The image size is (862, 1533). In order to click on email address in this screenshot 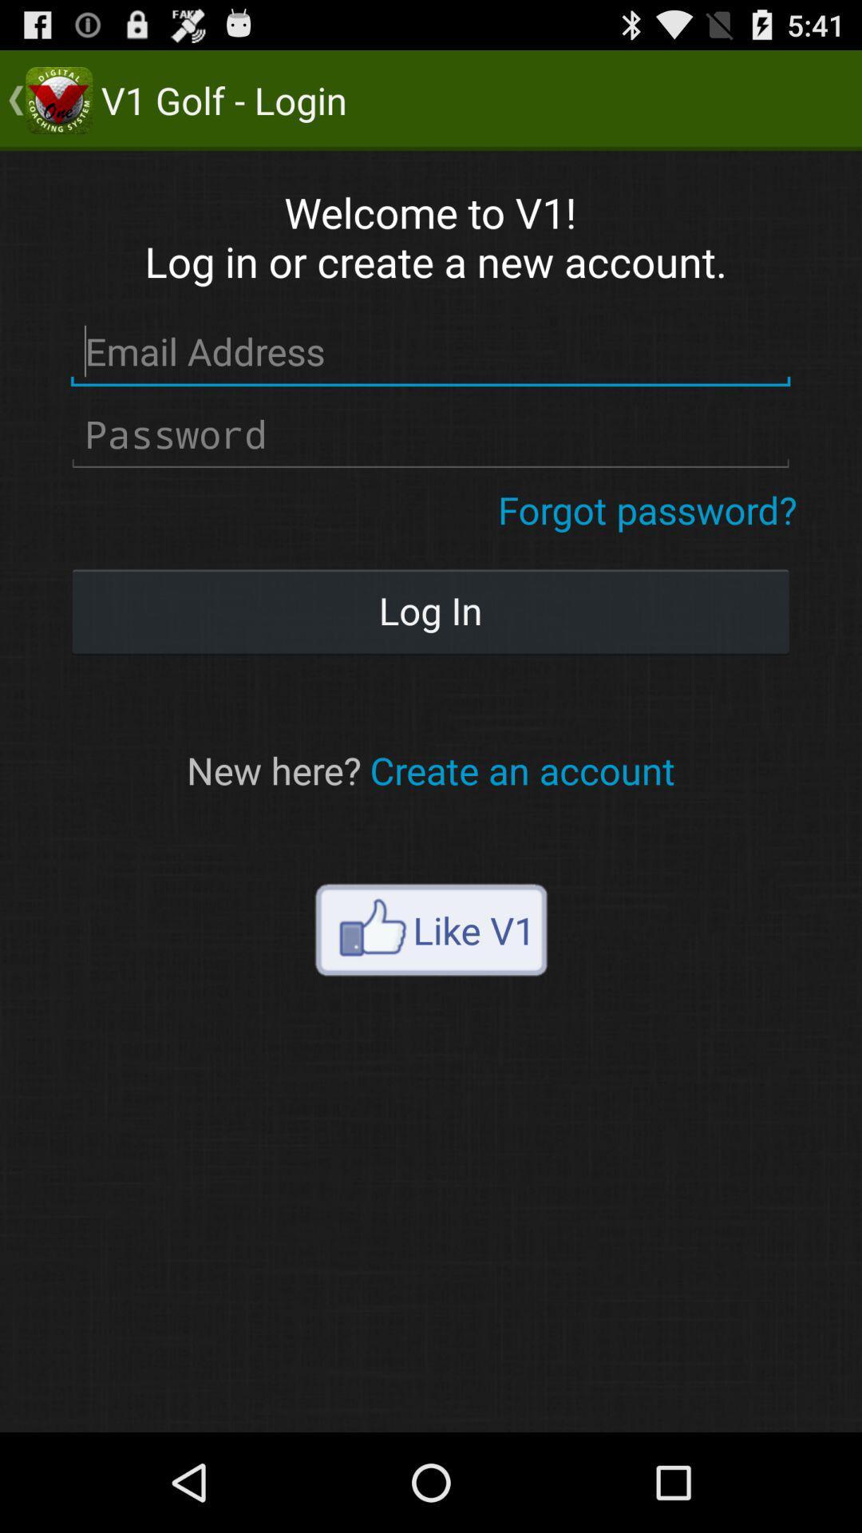, I will do `click(429, 351)`.